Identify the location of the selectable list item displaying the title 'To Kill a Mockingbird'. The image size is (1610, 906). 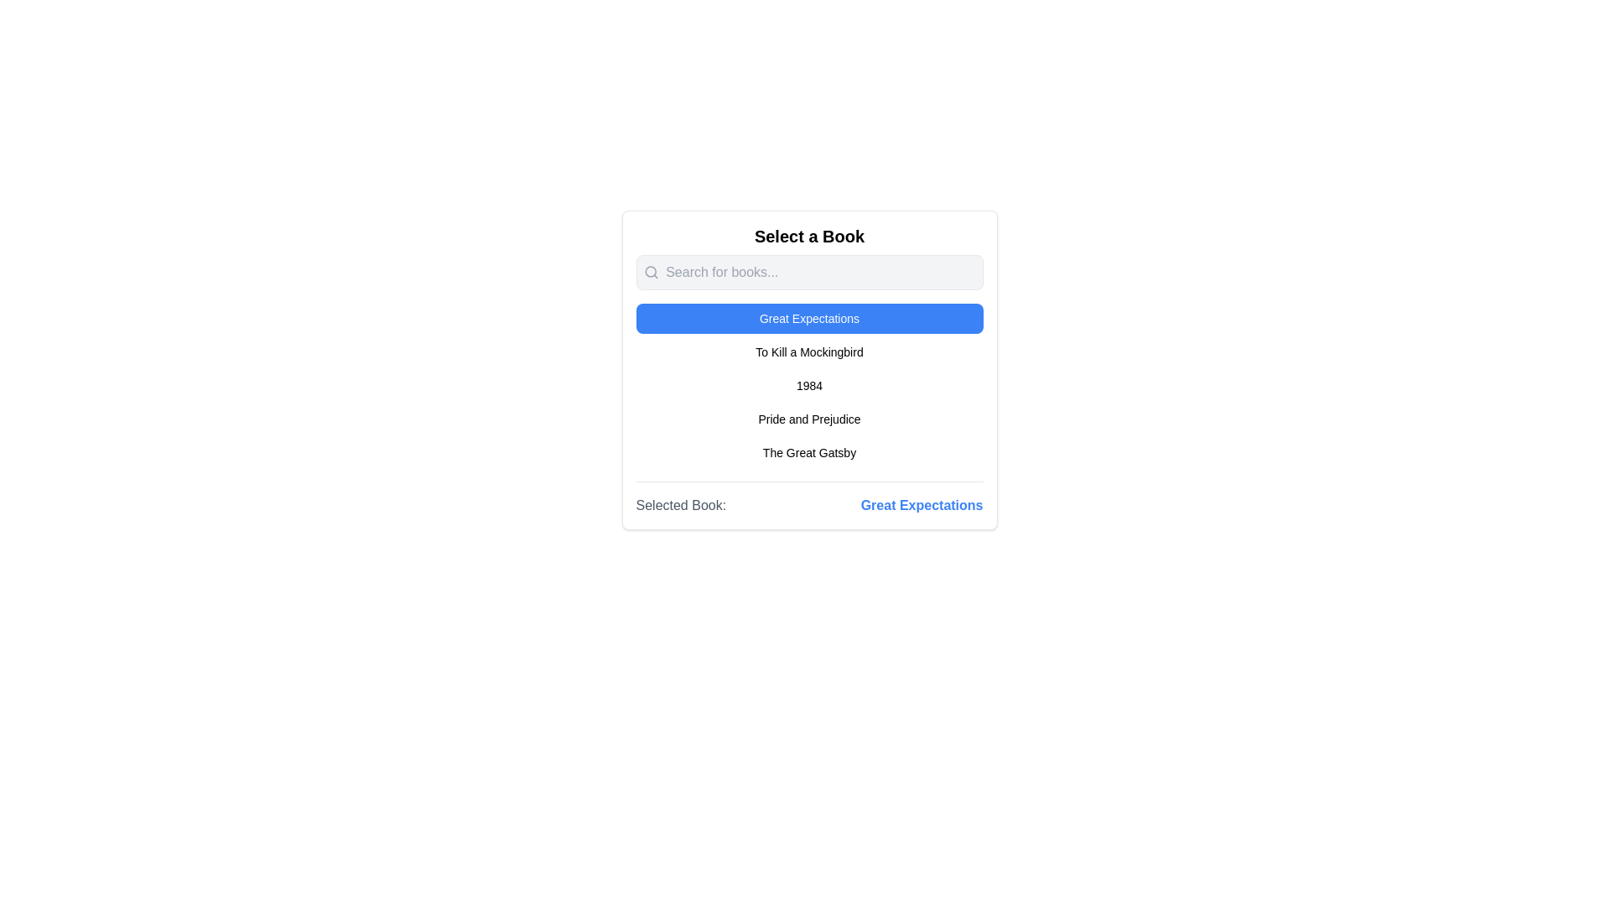
(809, 351).